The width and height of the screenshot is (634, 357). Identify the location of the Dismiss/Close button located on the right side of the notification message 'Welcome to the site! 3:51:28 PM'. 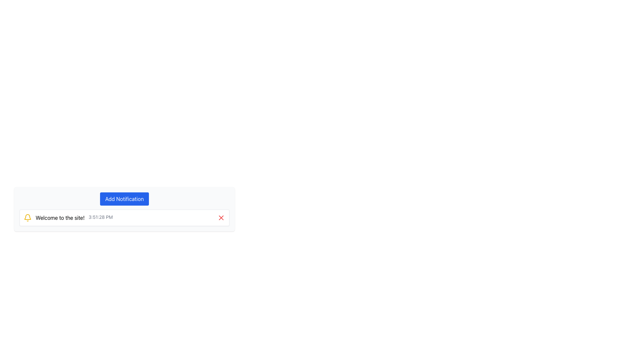
(221, 218).